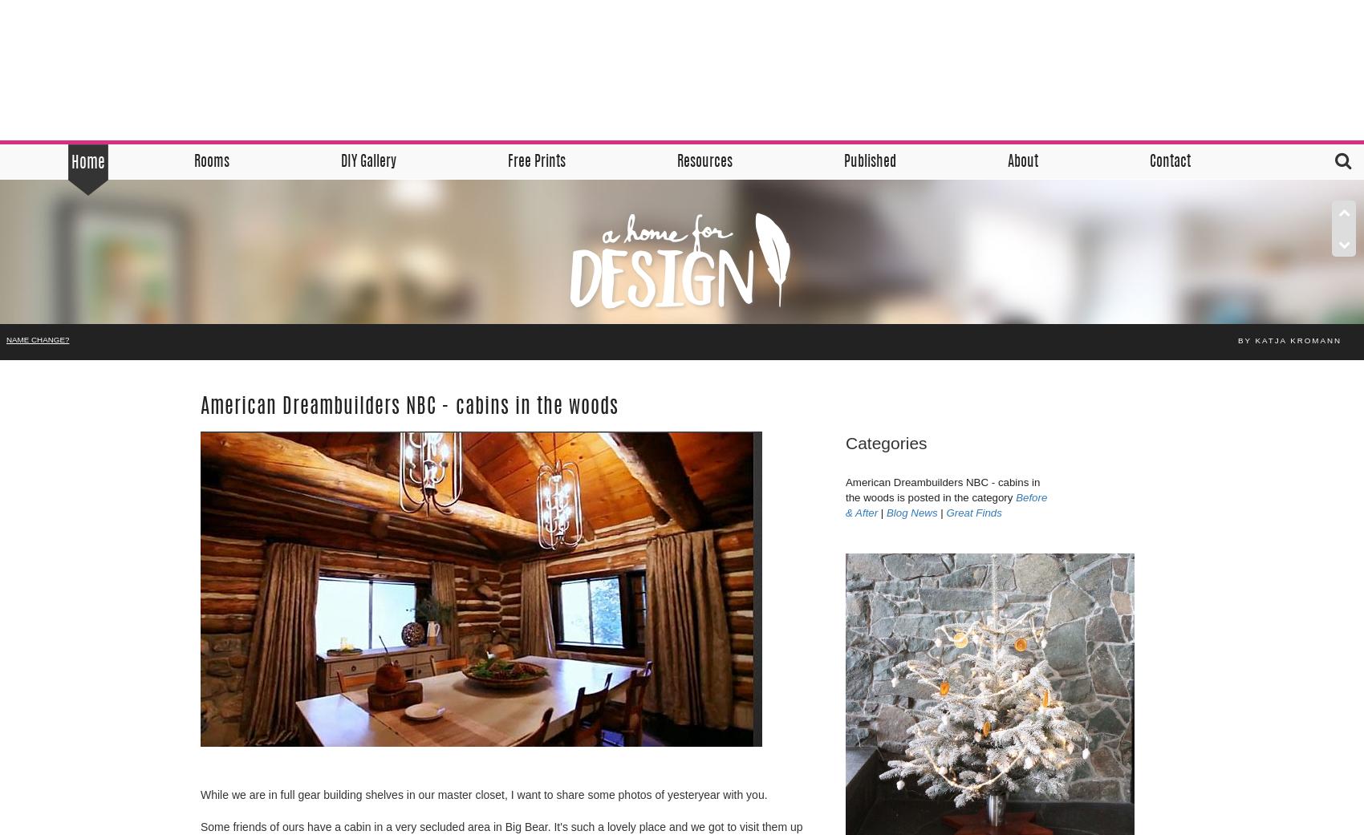 This screenshot has height=835, width=1364. Describe the element at coordinates (409, 407) in the screenshot. I see `'American Dreambuilders NBC - cabins in the woods'` at that location.